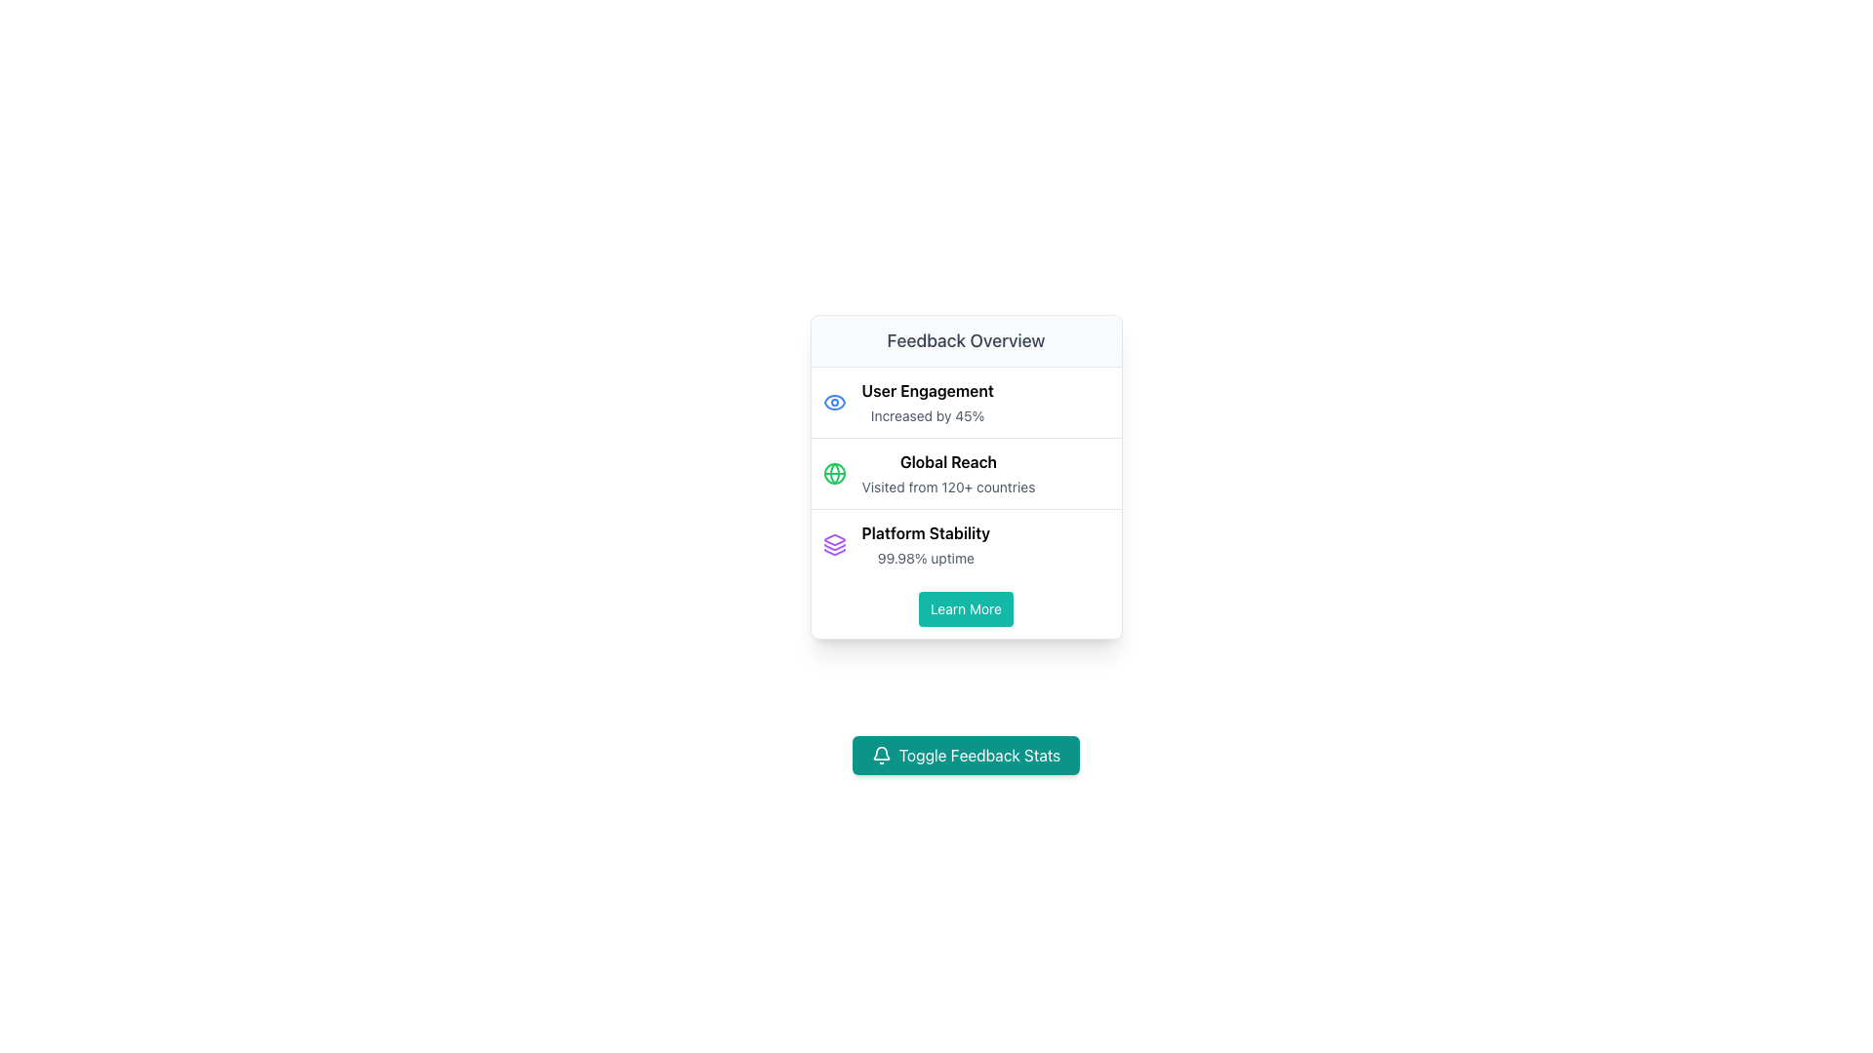 The height and width of the screenshot is (1053, 1873). I want to click on the text label reading 'Increased by 45%' which is positioned below 'User Engagement' in the 'Feedback Overview' card, so click(927, 415).